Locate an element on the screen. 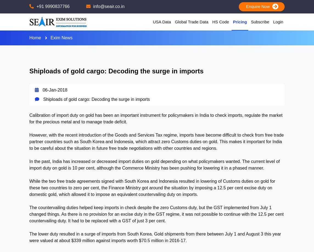 The image size is (314, 252). 'Login' is located at coordinates (278, 21).